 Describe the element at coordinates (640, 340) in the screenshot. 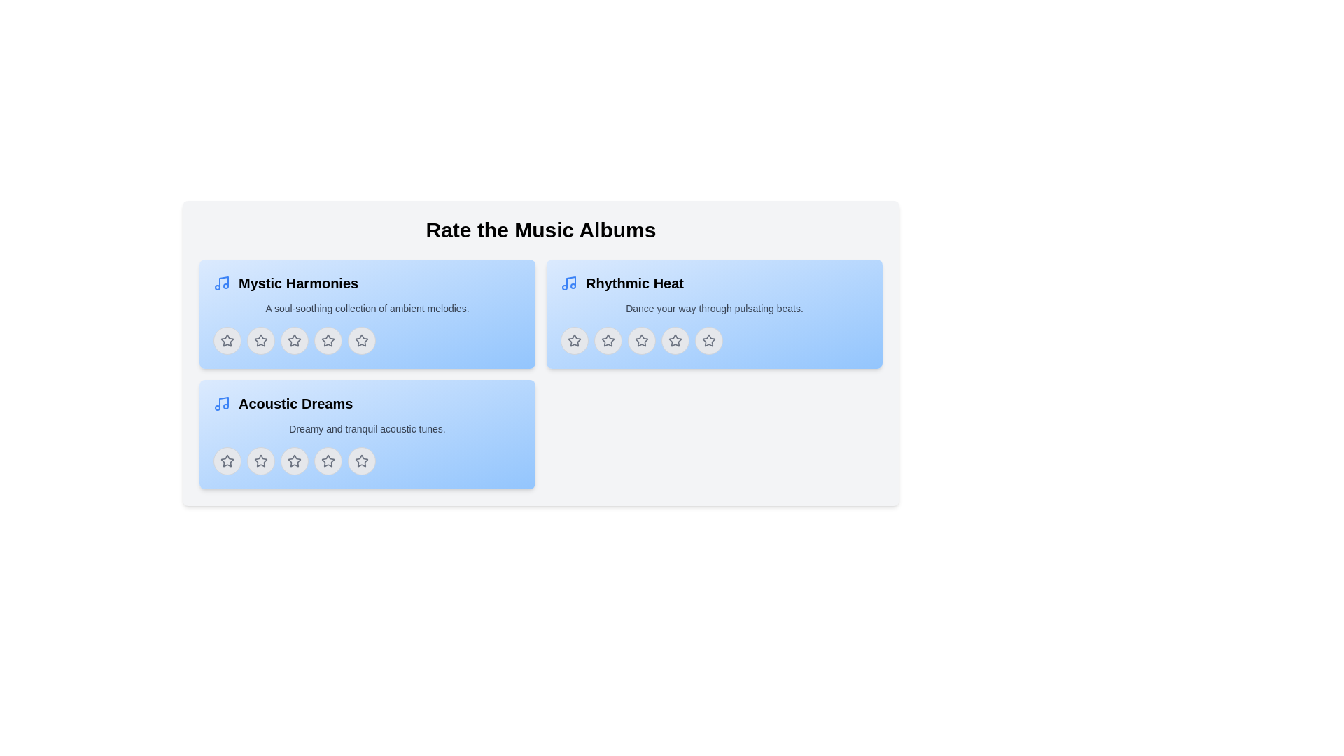

I see `the second star button in the rating row of the 'Rhythmic Heat' album` at that location.